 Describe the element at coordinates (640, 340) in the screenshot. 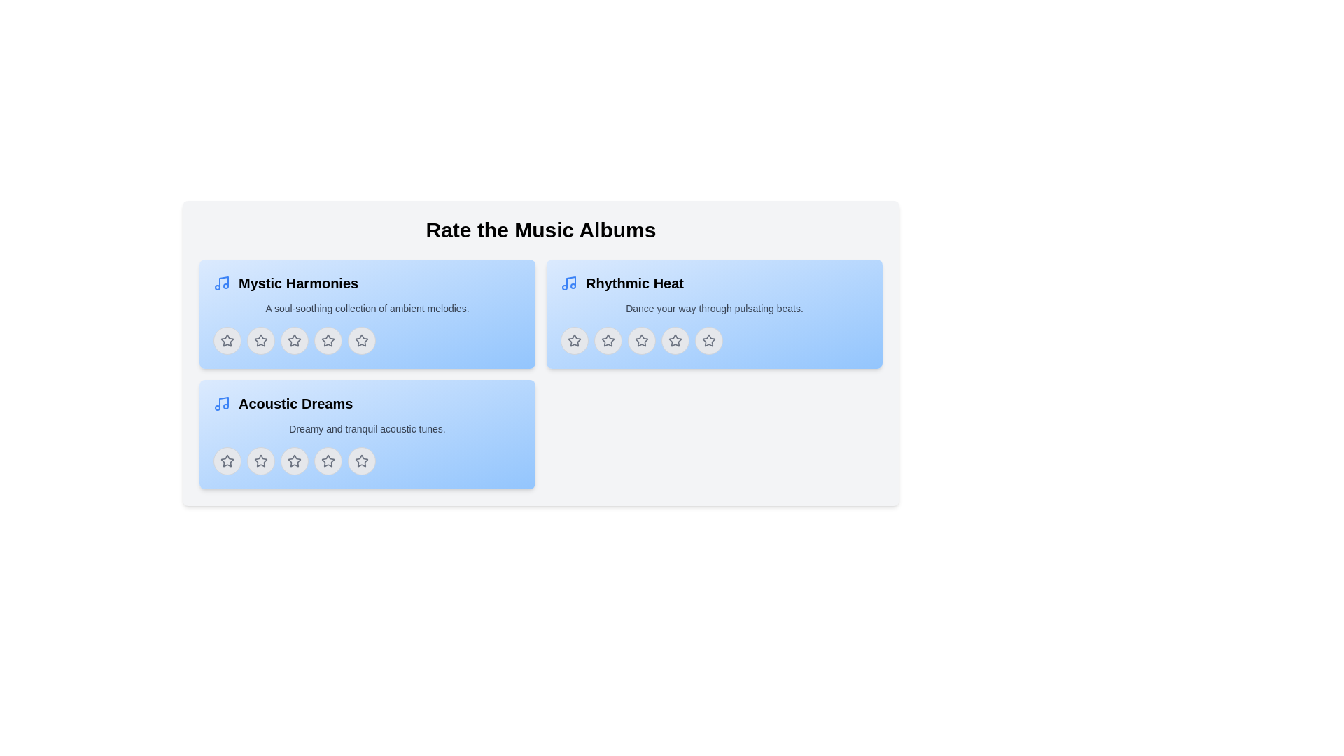

I see `the second star button in the rating row of the 'Rhythmic Heat' album` at that location.